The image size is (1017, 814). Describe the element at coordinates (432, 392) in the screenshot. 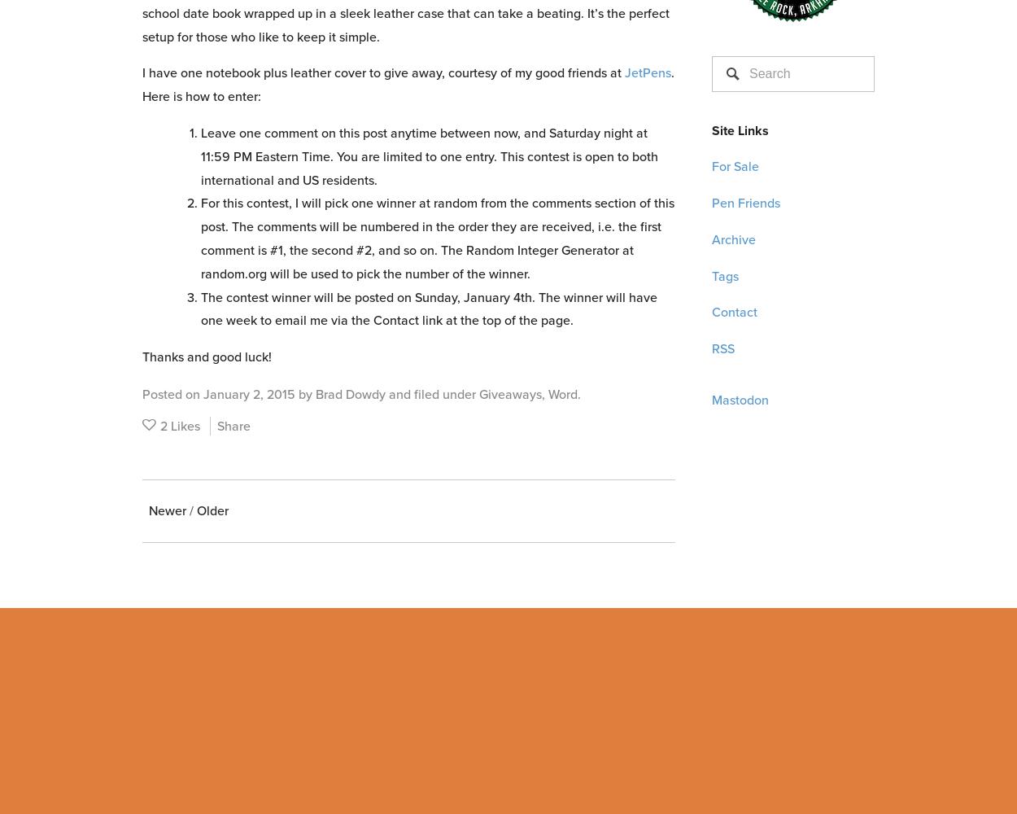

I see `'and filed under'` at that location.